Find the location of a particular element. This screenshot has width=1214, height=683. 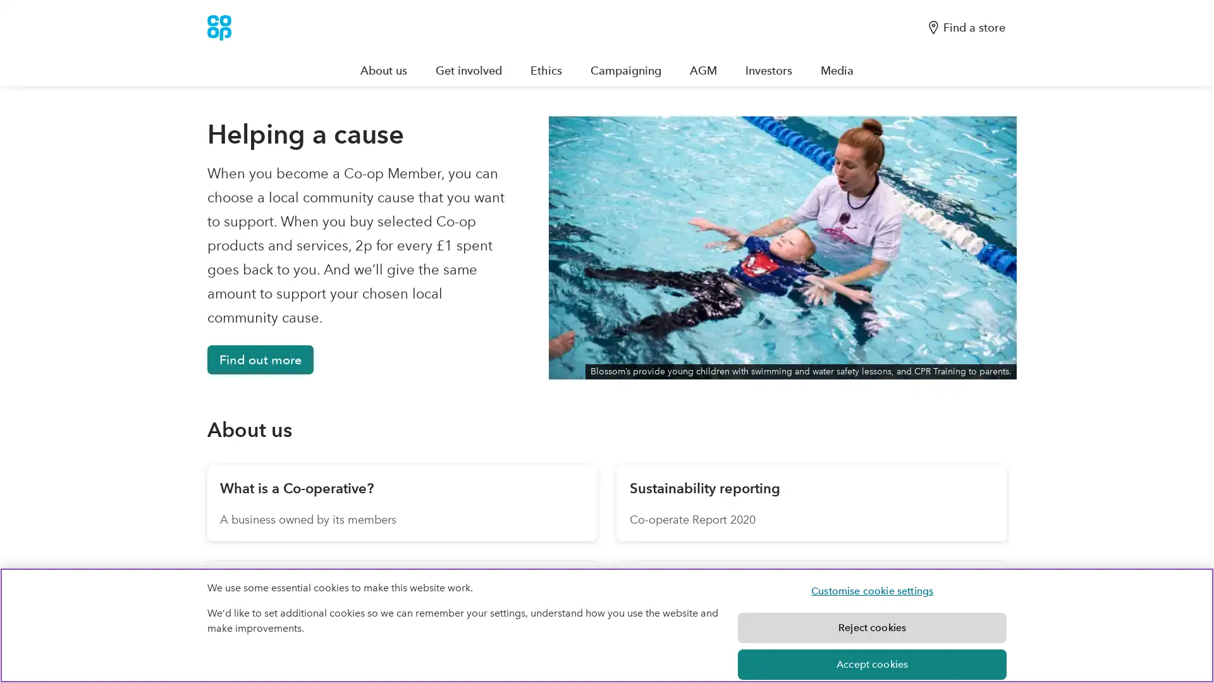

Reject cookies is located at coordinates (871, 627).